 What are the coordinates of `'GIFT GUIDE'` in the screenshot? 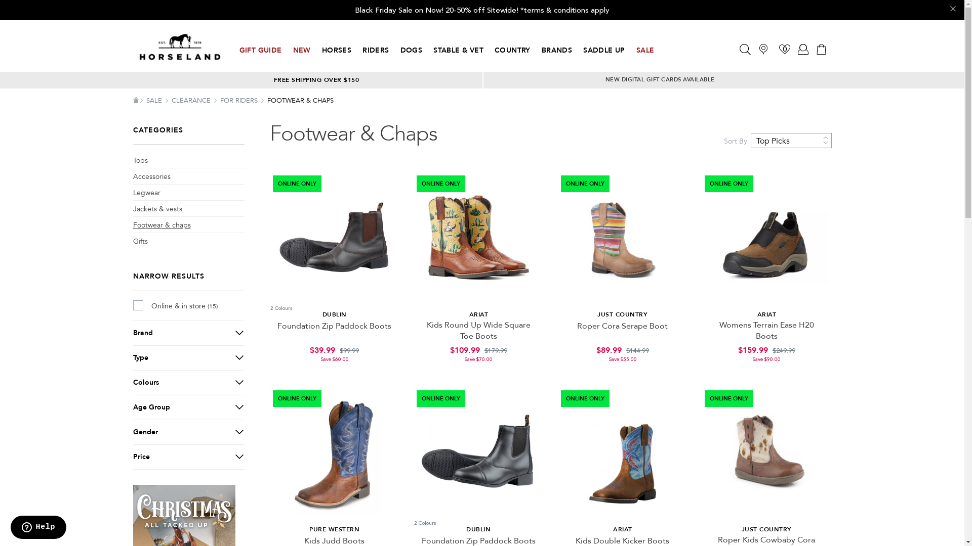 It's located at (260, 51).